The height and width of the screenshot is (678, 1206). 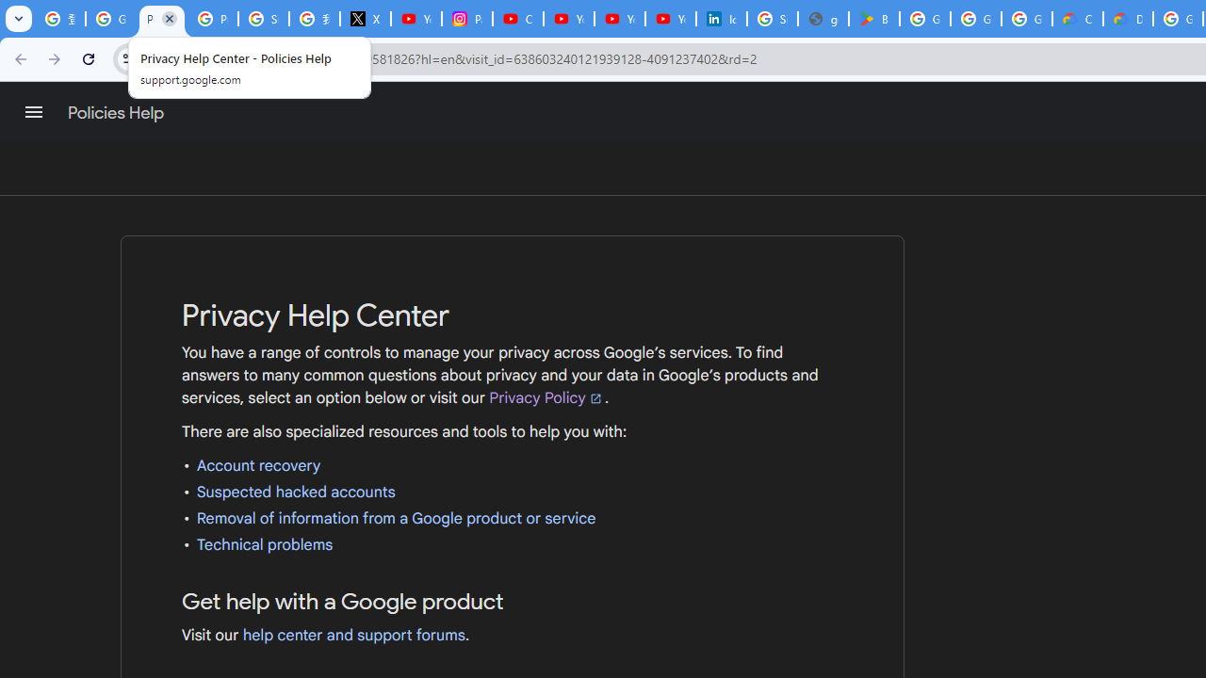 What do you see at coordinates (772, 19) in the screenshot?
I see `'Sign in - Google Accounts'` at bounding box center [772, 19].